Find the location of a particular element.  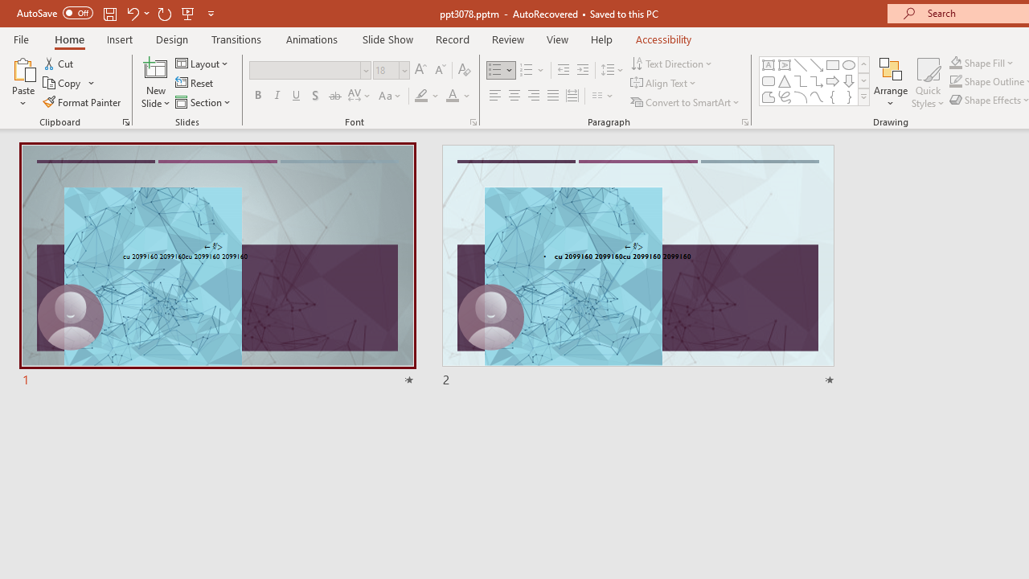

'Columns' is located at coordinates (602, 96).